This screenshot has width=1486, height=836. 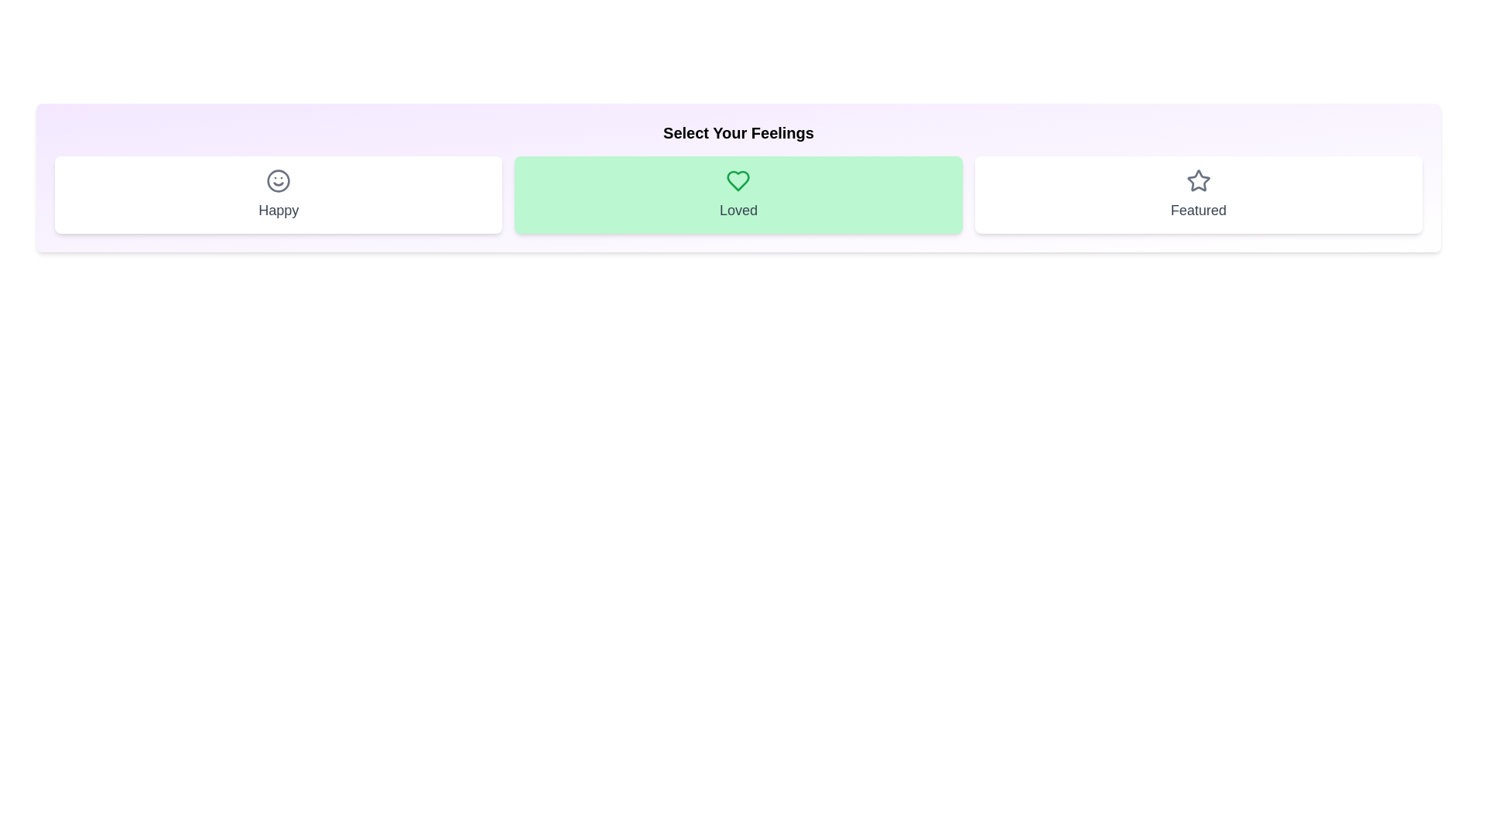 I want to click on the icon of the Loved chip, so click(x=738, y=180).